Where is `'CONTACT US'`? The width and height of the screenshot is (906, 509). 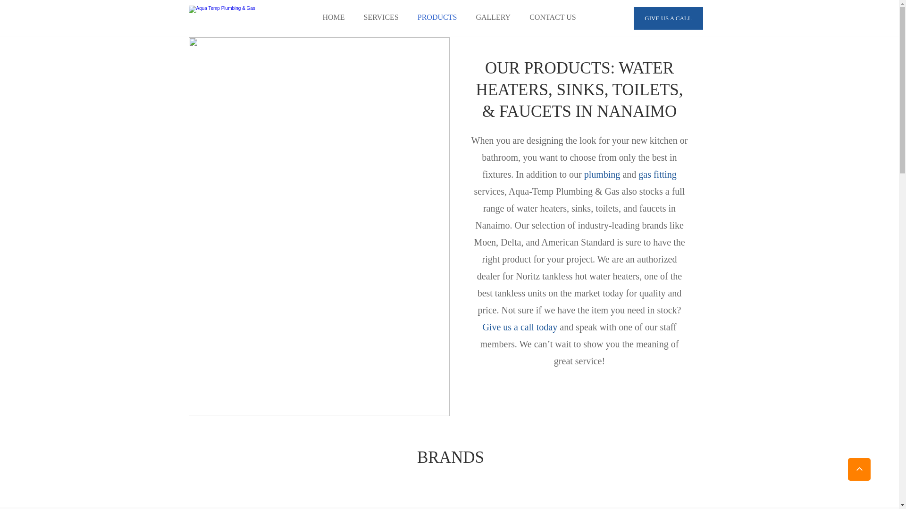
'CONTACT US' is located at coordinates (520, 17).